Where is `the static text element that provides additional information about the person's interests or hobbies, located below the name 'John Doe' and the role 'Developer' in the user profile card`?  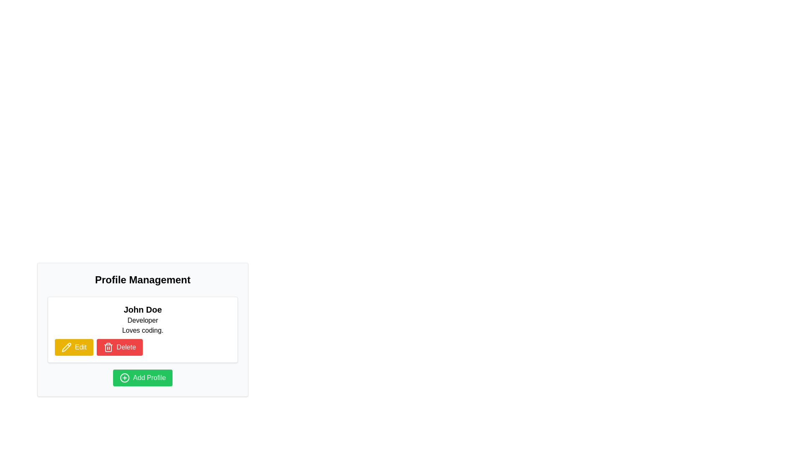
the static text element that provides additional information about the person's interests or hobbies, located below the name 'John Doe' and the role 'Developer' in the user profile card is located at coordinates (142, 330).